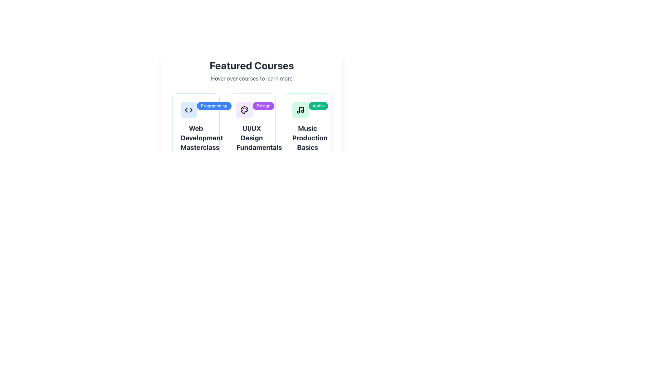  Describe the element at coordinates (300, 110) in the screenshot. I see `the 'Audio' icon in the 'Music Production Basics' section for accessibility purposes` at that location.